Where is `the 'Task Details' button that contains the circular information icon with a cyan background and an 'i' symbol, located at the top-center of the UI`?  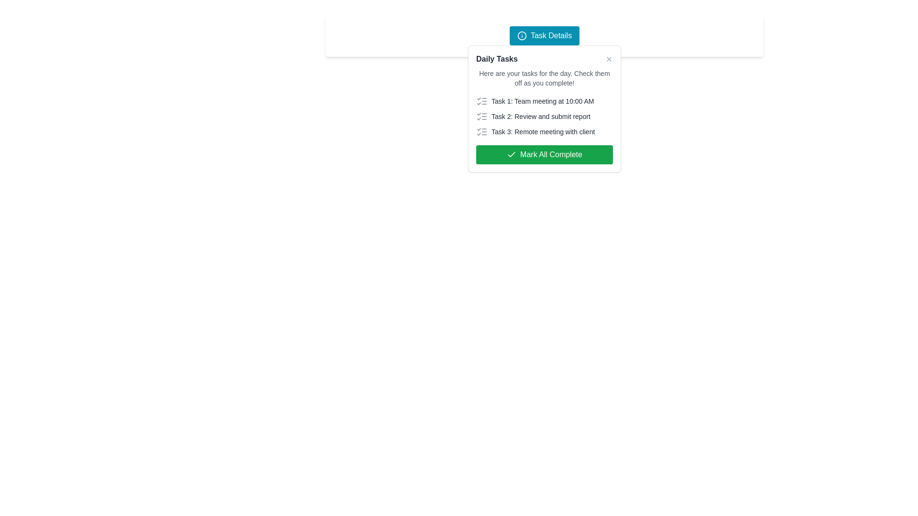 the 'Task Details' button that contains the circular information icon with a cyan background and an 'i' symbol, located at the top-center of the UI is located at coordinates (521, 35).